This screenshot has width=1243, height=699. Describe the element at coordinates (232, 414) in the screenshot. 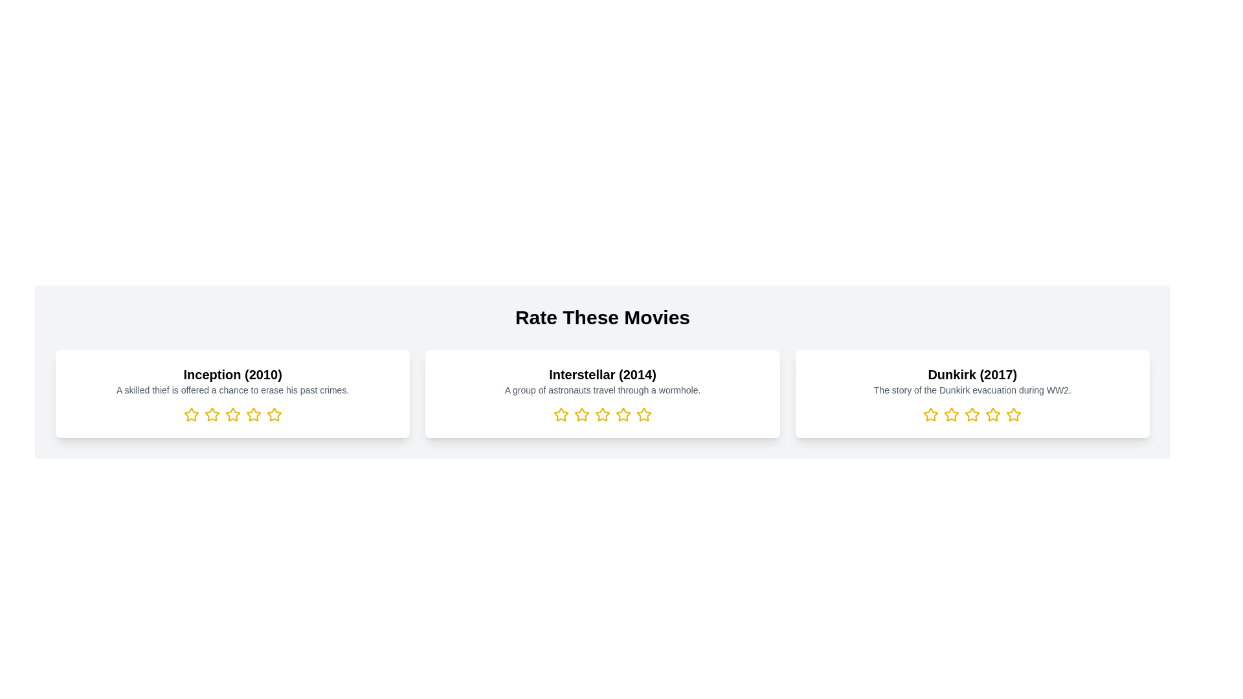

I see `the rating for a movie to 3 stars` at that location.